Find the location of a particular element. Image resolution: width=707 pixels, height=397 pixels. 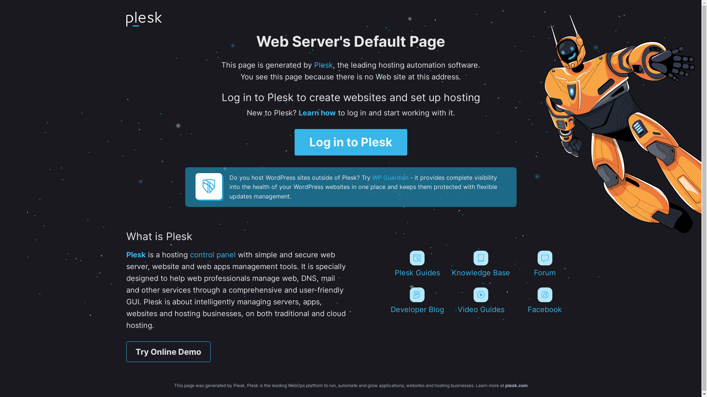

'Plesk' is located at coordinates (314, 65).